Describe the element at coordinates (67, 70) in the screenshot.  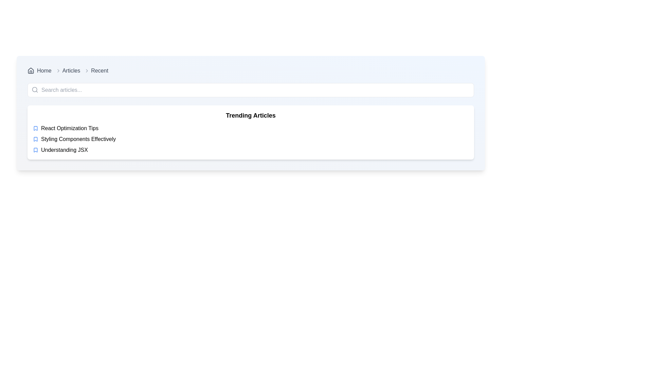
I see `the second breadcrumb link in the top navigation area` at that location.